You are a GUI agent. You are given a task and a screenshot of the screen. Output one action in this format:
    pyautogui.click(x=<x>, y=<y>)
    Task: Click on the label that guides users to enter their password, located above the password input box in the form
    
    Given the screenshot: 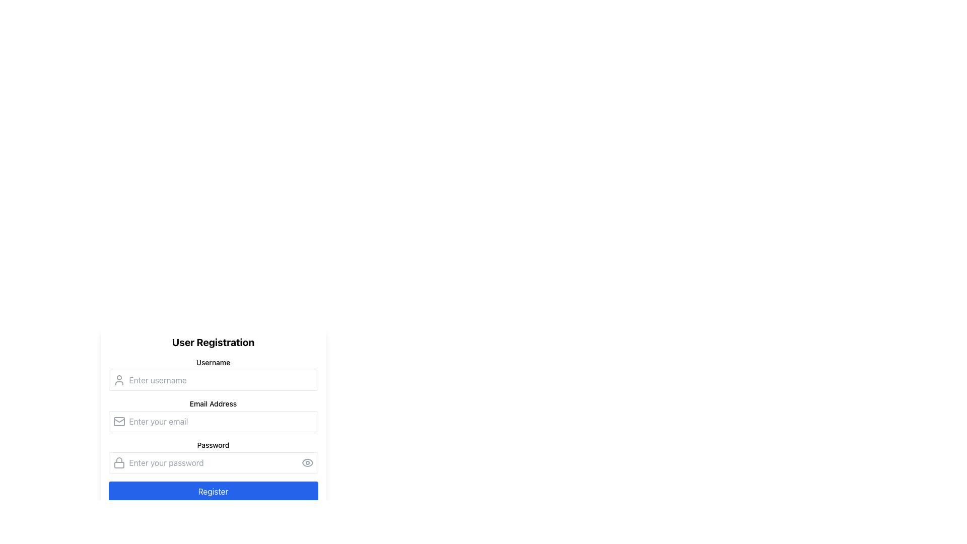 What is the action you would take?
    pyautogui.click(x=213, y=444)
    